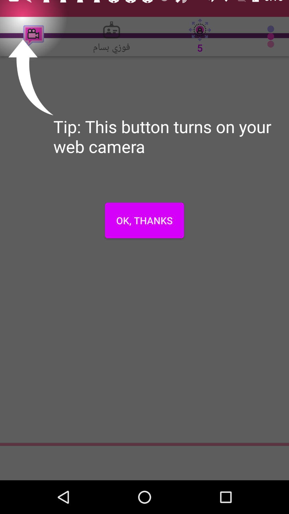 The height and width of the screenshot is (514, 289). I want to click on ok, thanks, so click(144, 220).